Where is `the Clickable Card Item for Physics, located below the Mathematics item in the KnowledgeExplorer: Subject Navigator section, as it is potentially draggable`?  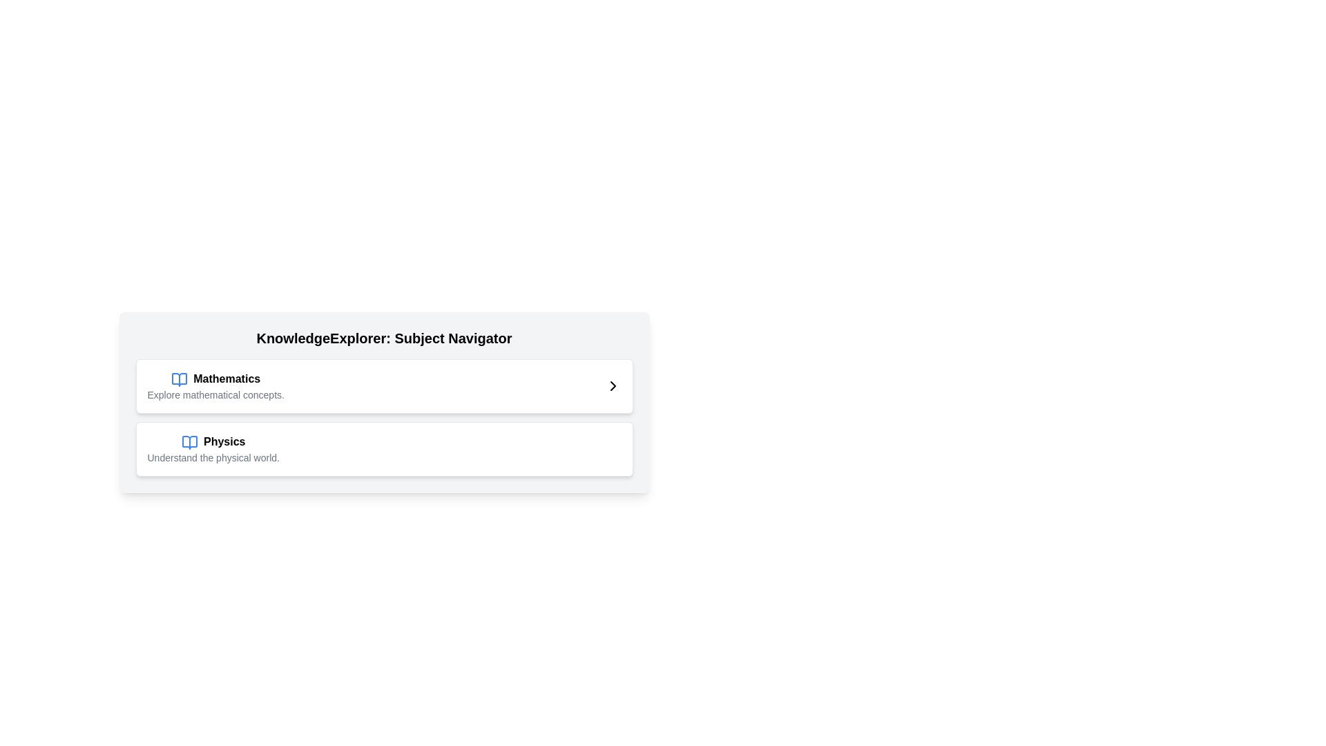 the Clickable Card Item for Physics, located below the Mathematics item in the KnowledgeExplorer: Subject Navigator section, as it is potentially draggable is located at coordinates (384, 449).